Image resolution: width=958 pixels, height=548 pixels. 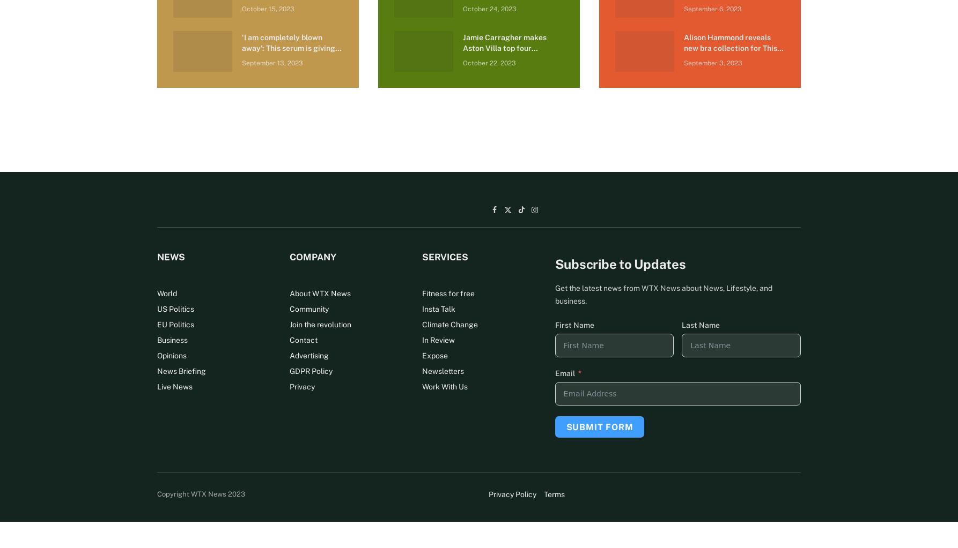 I want to click on 'Copyright WTX News 2023', so click(x=201, y=493).